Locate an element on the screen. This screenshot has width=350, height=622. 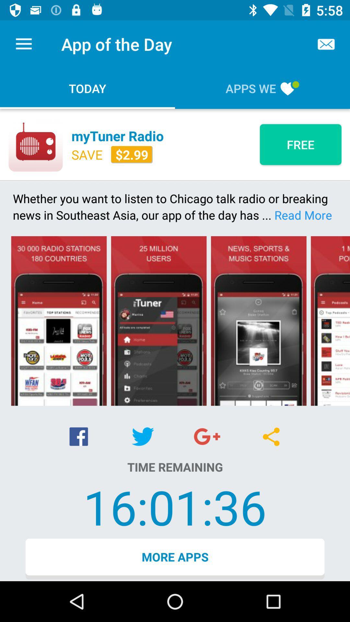
the item above time remaining icon is located at coordinates (207, 436).